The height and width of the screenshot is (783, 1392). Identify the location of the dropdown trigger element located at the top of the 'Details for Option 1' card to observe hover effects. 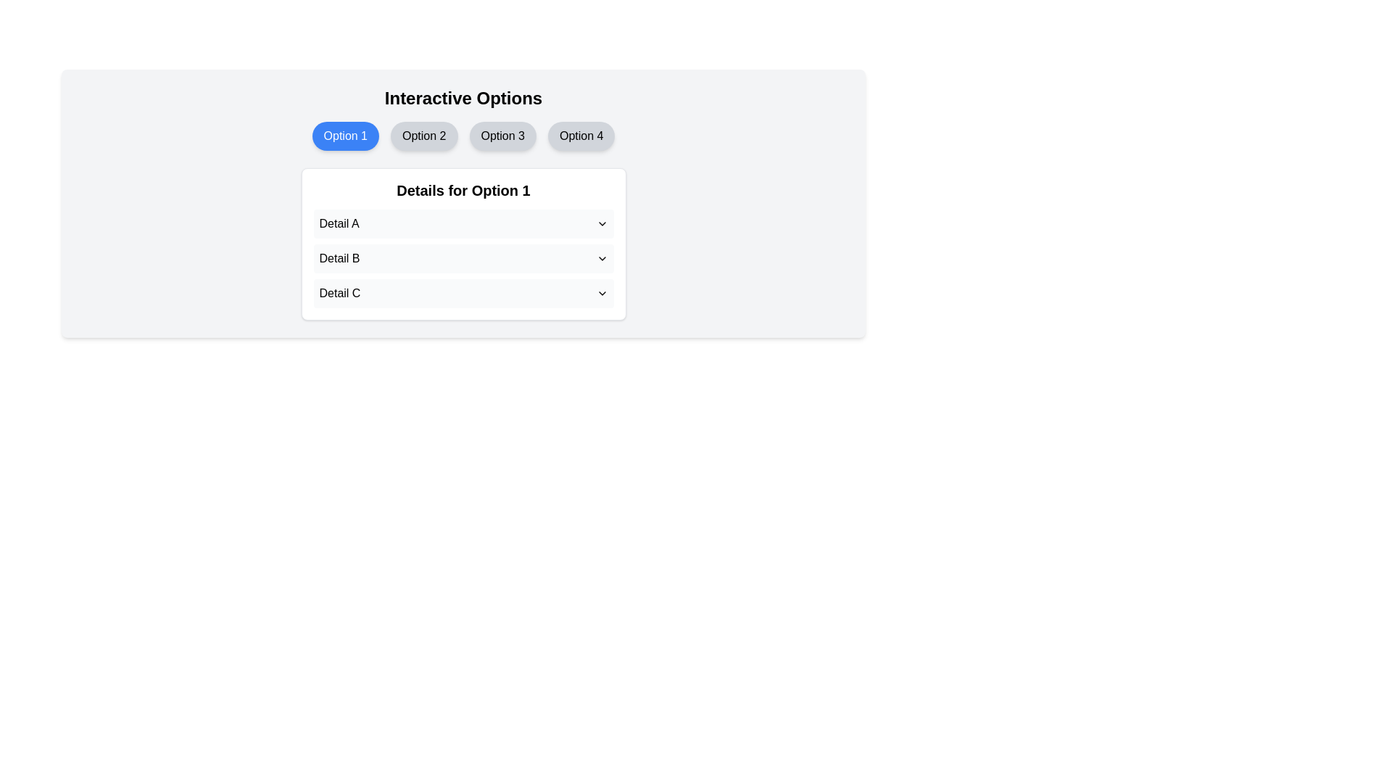
(463, 223).